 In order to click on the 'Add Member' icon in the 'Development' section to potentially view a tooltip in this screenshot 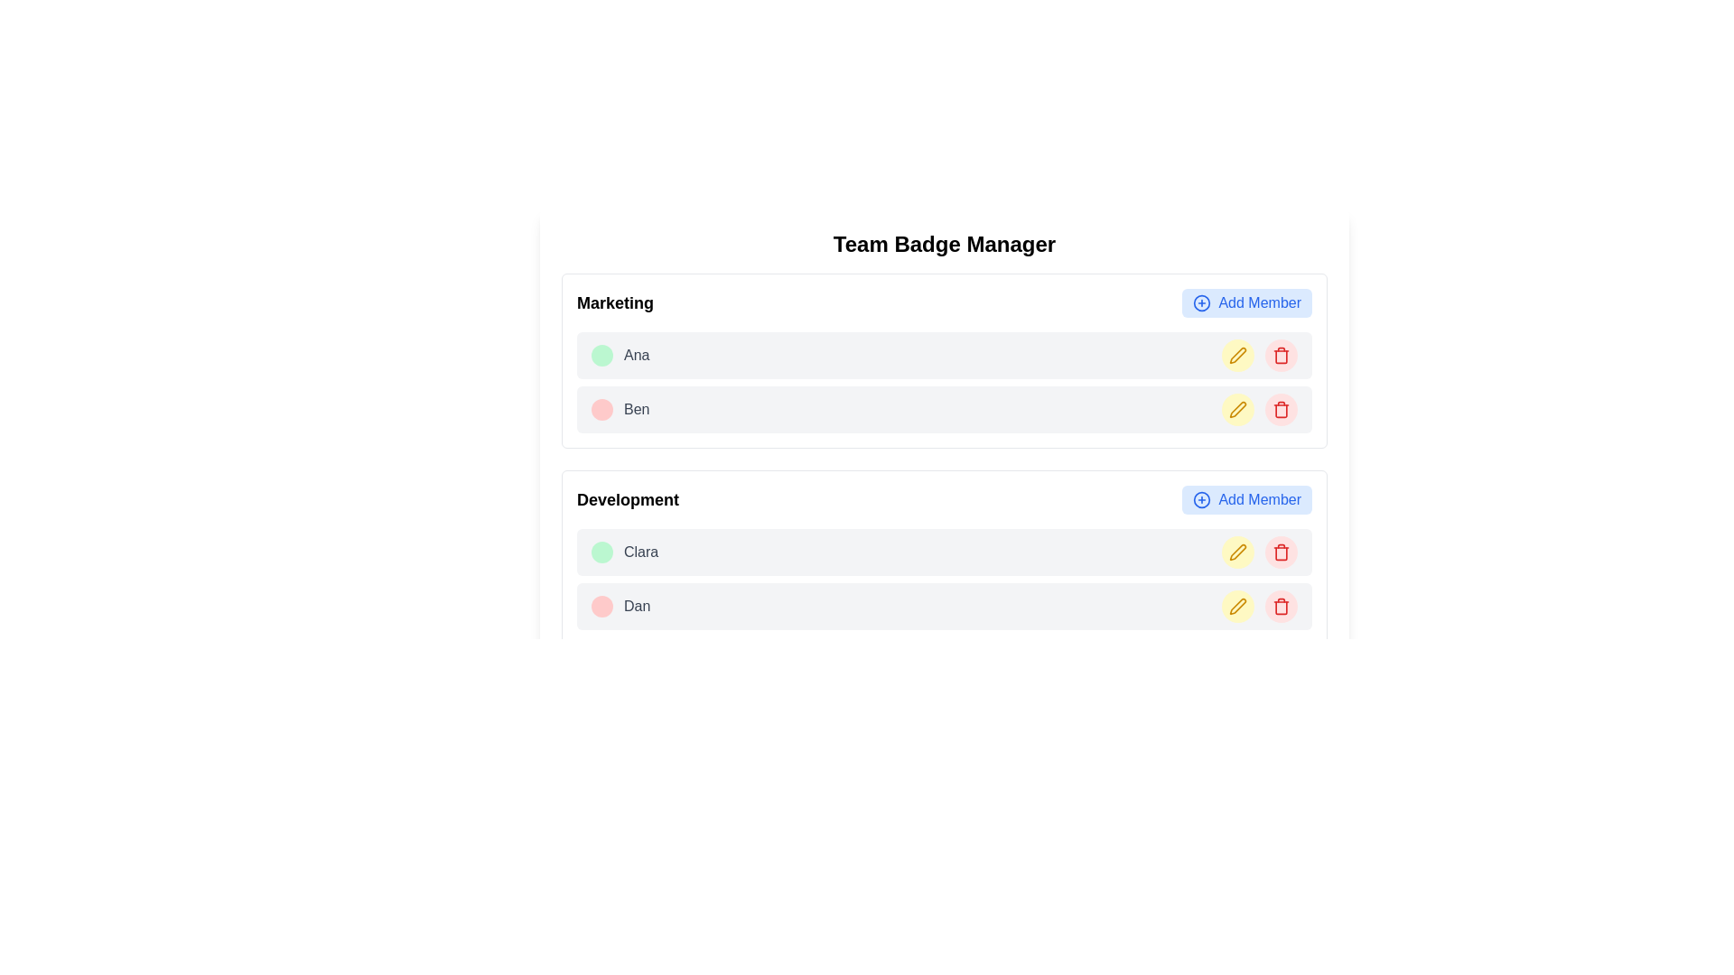, I will do `click(1202, 500)`.